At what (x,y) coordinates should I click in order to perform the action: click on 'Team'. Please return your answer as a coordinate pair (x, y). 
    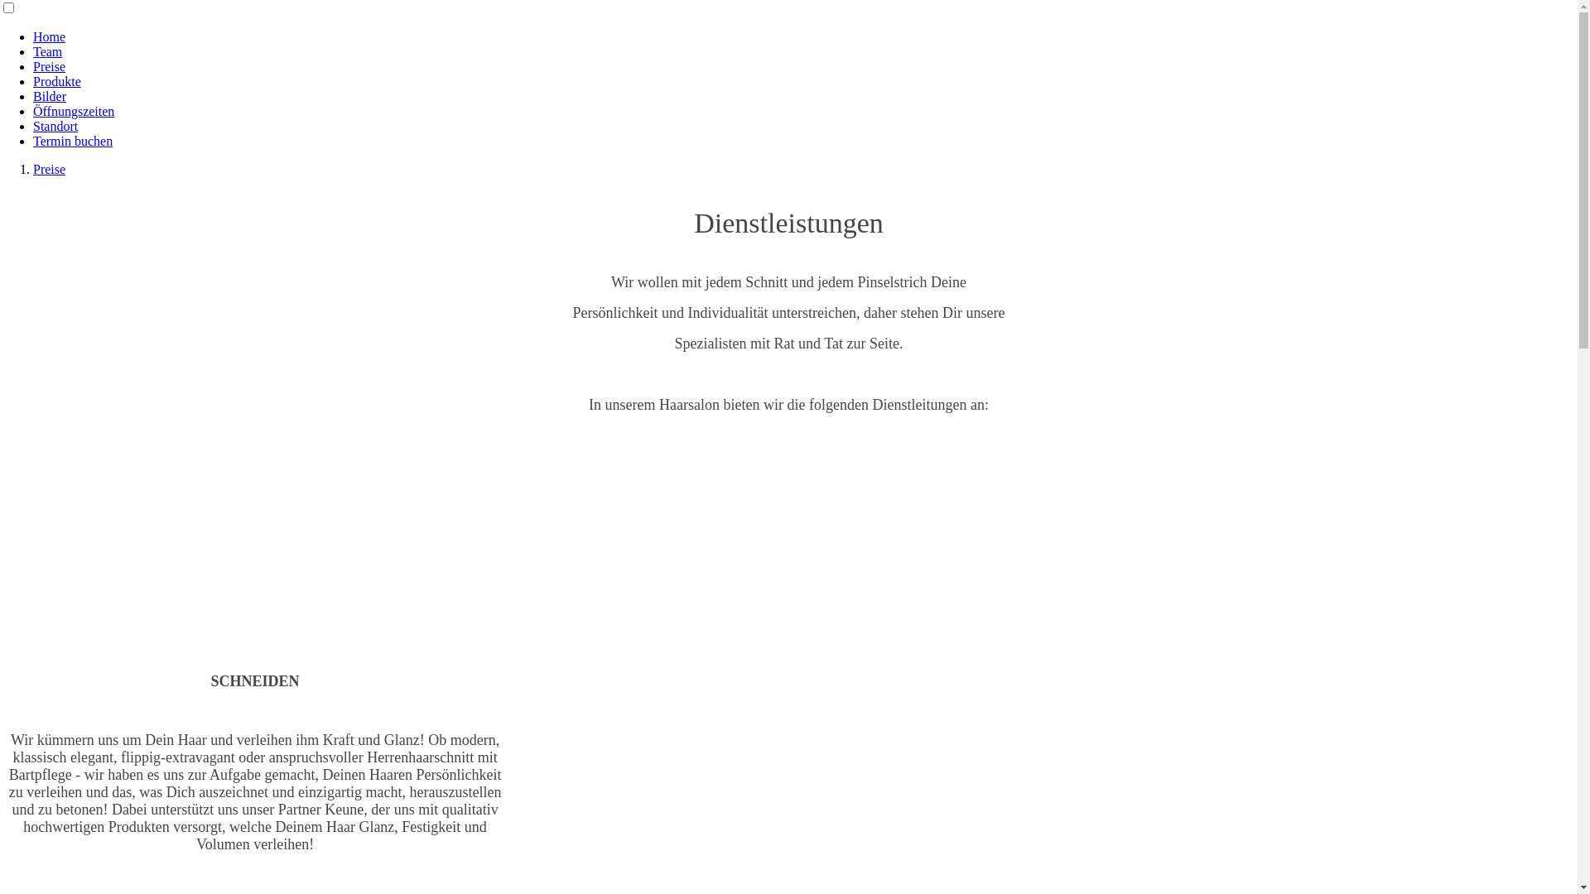
    Looking at the image, I should click on (47, 50).